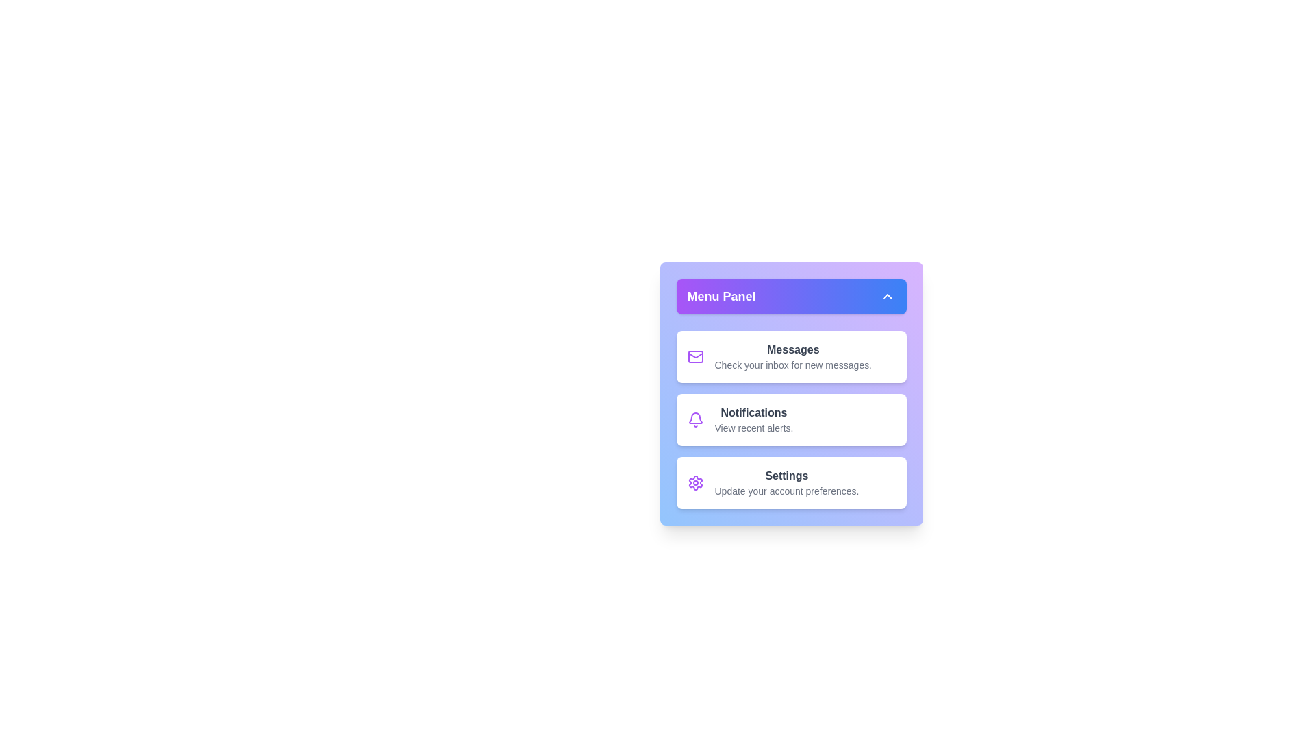 This screenshot has height=740, width=1315. I want to click on the menu toggle button to toggle the menu open or closed, so click(791, 295).